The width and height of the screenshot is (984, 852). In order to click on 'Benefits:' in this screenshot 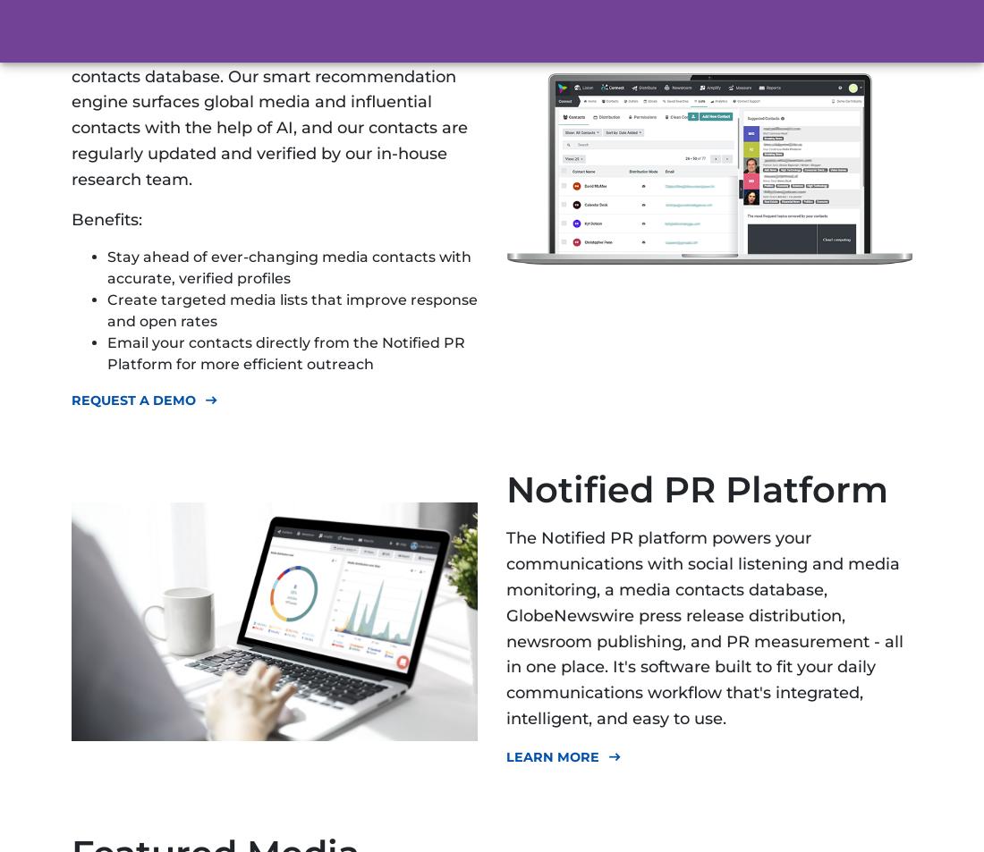, I will do `click(106, 218)`.